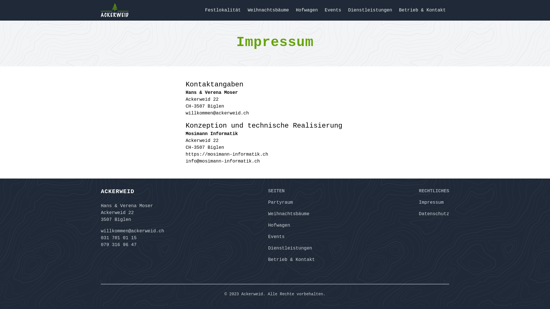 The height and width of the screenshot is (309, 550). What do you see at coordinates (132, 192) in the screenshot?
I see `'ACKERWEID'` at bounding box center [132, 192].